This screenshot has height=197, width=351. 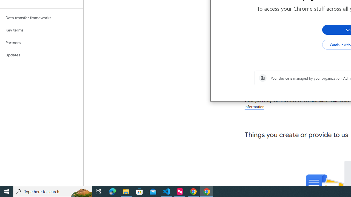 What do you see at coordinates (98, 191) in the screenshot?
I see `'Task View'` at bounding box center [98, 191].